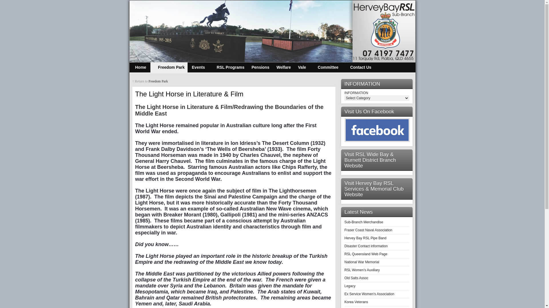 Image resolution: width=549 pixels, height=308 pixels. What do you see at coordinates (158, 81) in the screenshot?
I see `'Freedom Park'` at bounding box center [158, 81].